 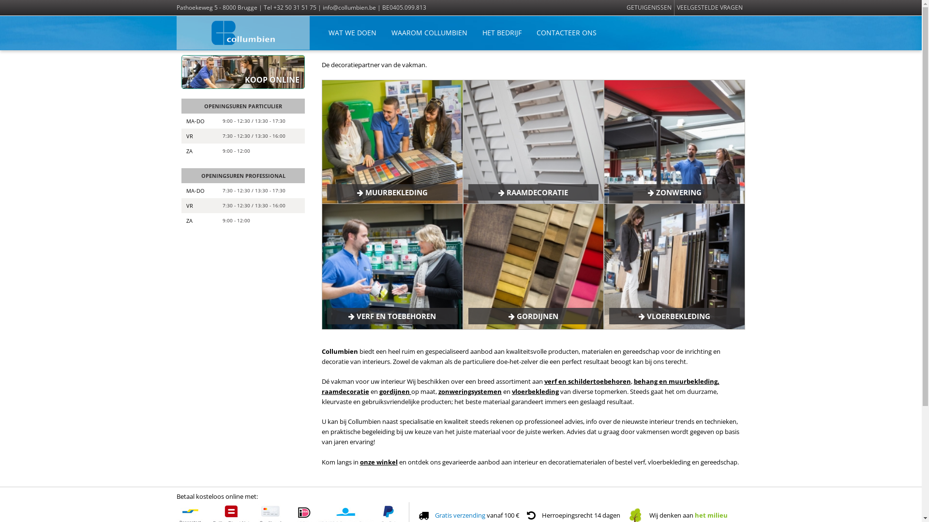 I want to click on 'verf en schildertoebehoren', so click(x=544, y=381).